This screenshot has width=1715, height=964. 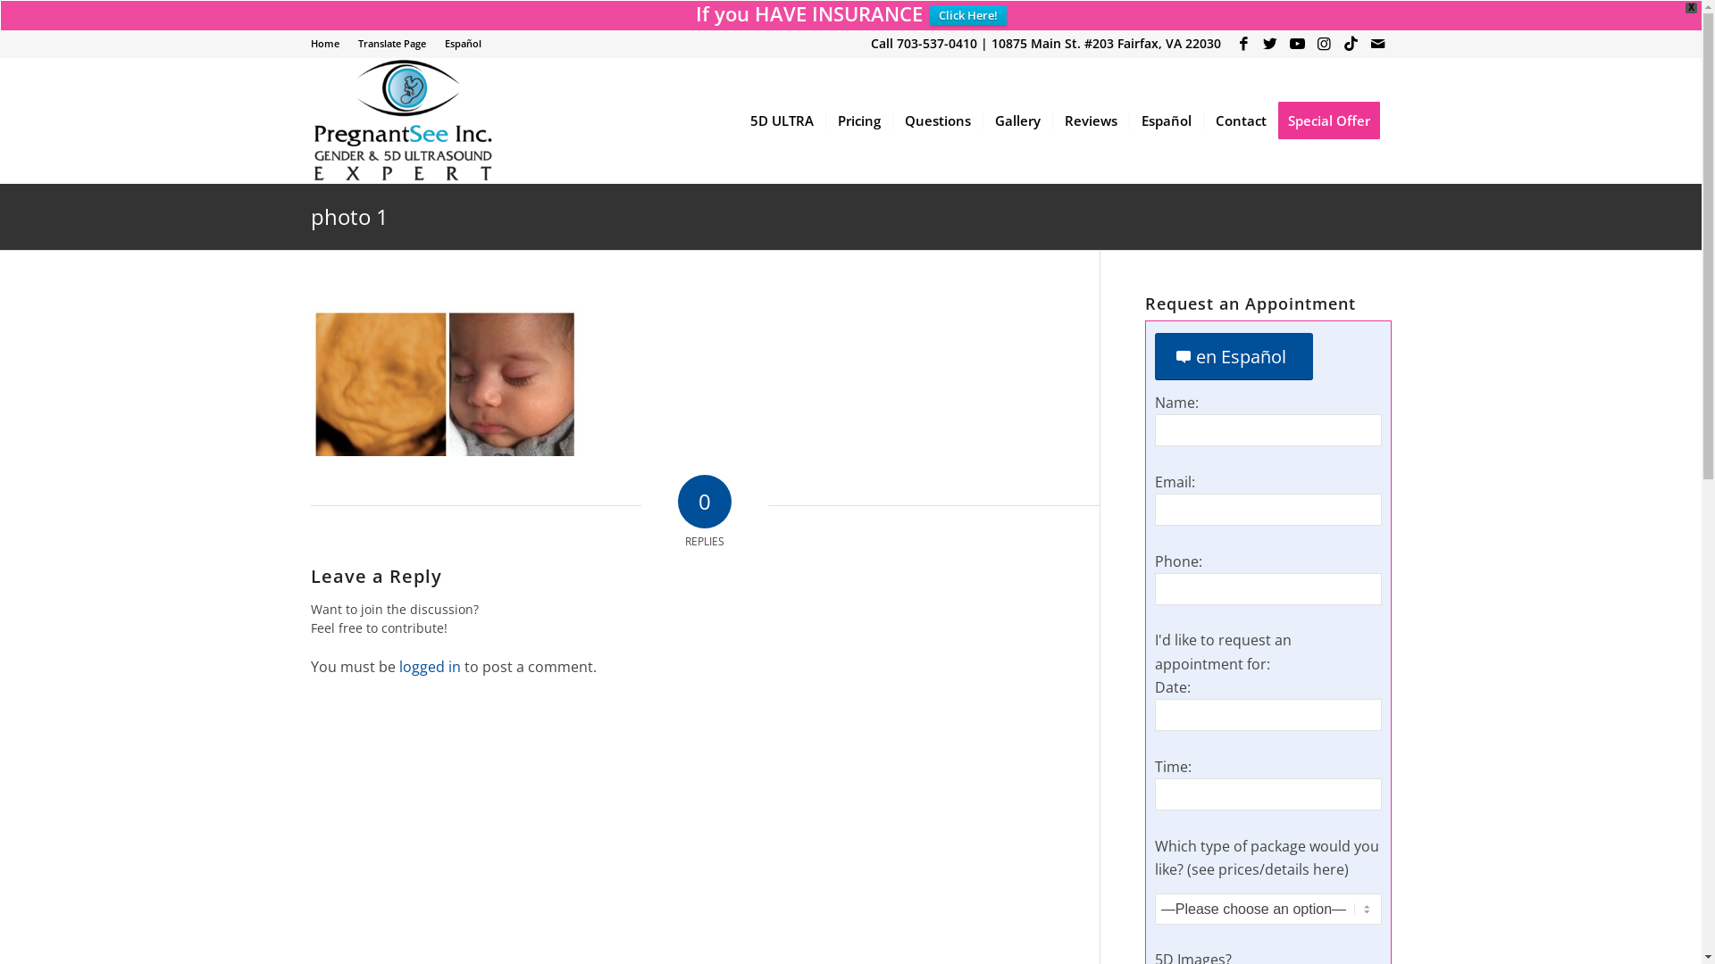 What do you see at coordinates (858, 120) in the screenshot?
I see `'Pricing'` at bounding box center [858, 120].